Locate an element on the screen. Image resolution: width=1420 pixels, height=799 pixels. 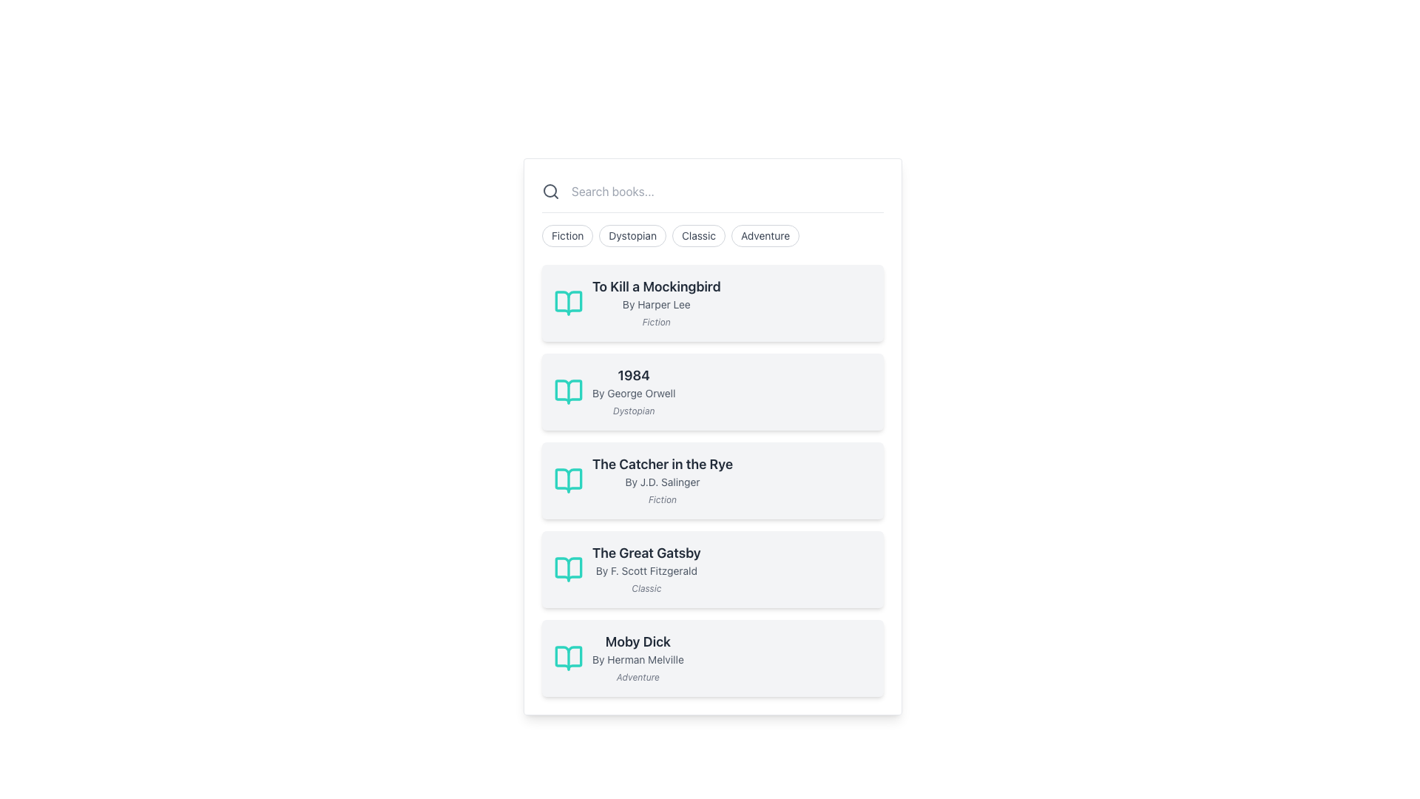
the italicized light gray label text reading 'Classic' located in the bottom-right corner of the book item 'The Great Gatsby' is located at coordinates (646, 587).